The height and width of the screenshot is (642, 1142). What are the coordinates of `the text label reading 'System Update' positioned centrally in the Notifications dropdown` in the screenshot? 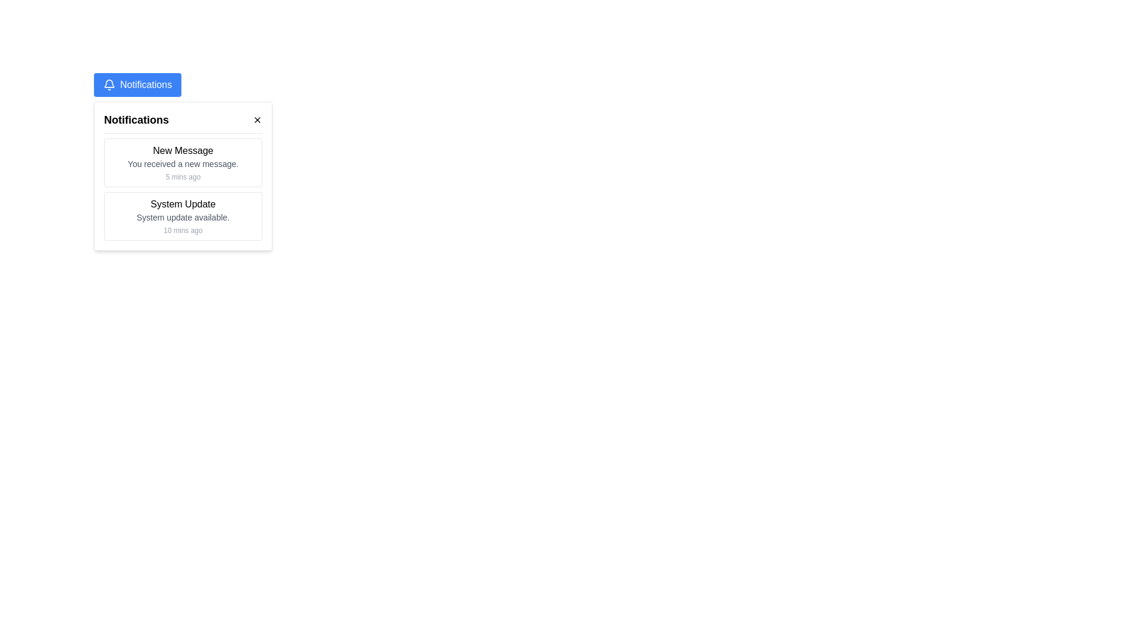 It's located at (182, 203).